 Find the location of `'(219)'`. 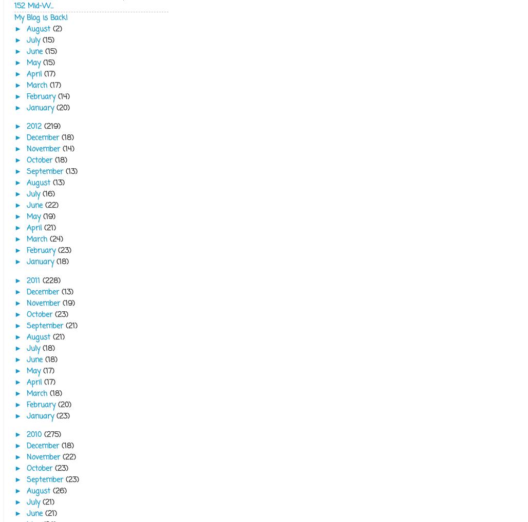

'(219)' is located at coordinates (51, 126).